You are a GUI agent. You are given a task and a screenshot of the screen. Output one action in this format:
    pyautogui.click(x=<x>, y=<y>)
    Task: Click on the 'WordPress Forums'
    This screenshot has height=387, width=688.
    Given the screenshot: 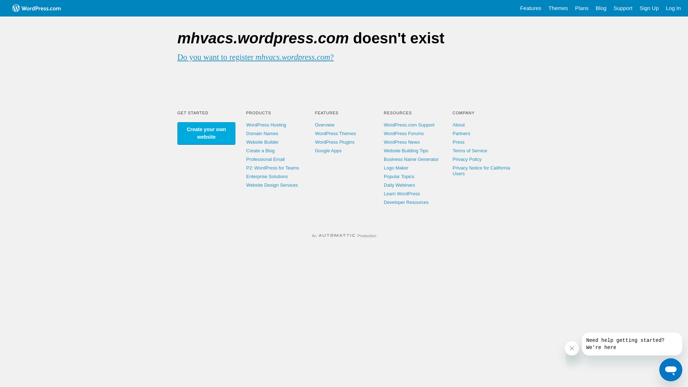 What is the action you would take?
    pyautogui.click(x=383, y=133)
    